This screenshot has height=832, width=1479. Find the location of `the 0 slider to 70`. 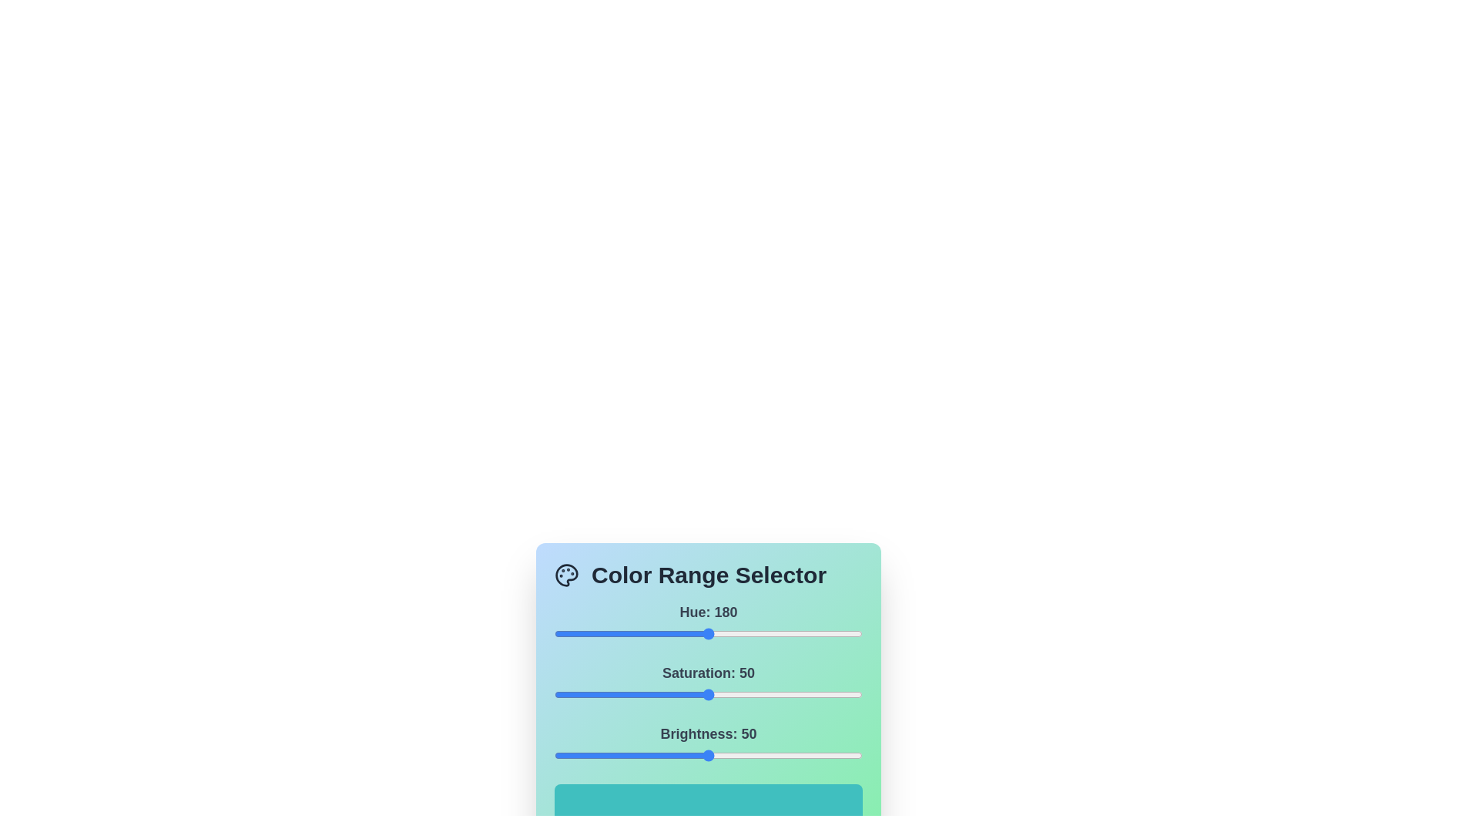

the 0 slider to 70 is located at coordinates (613, 633).